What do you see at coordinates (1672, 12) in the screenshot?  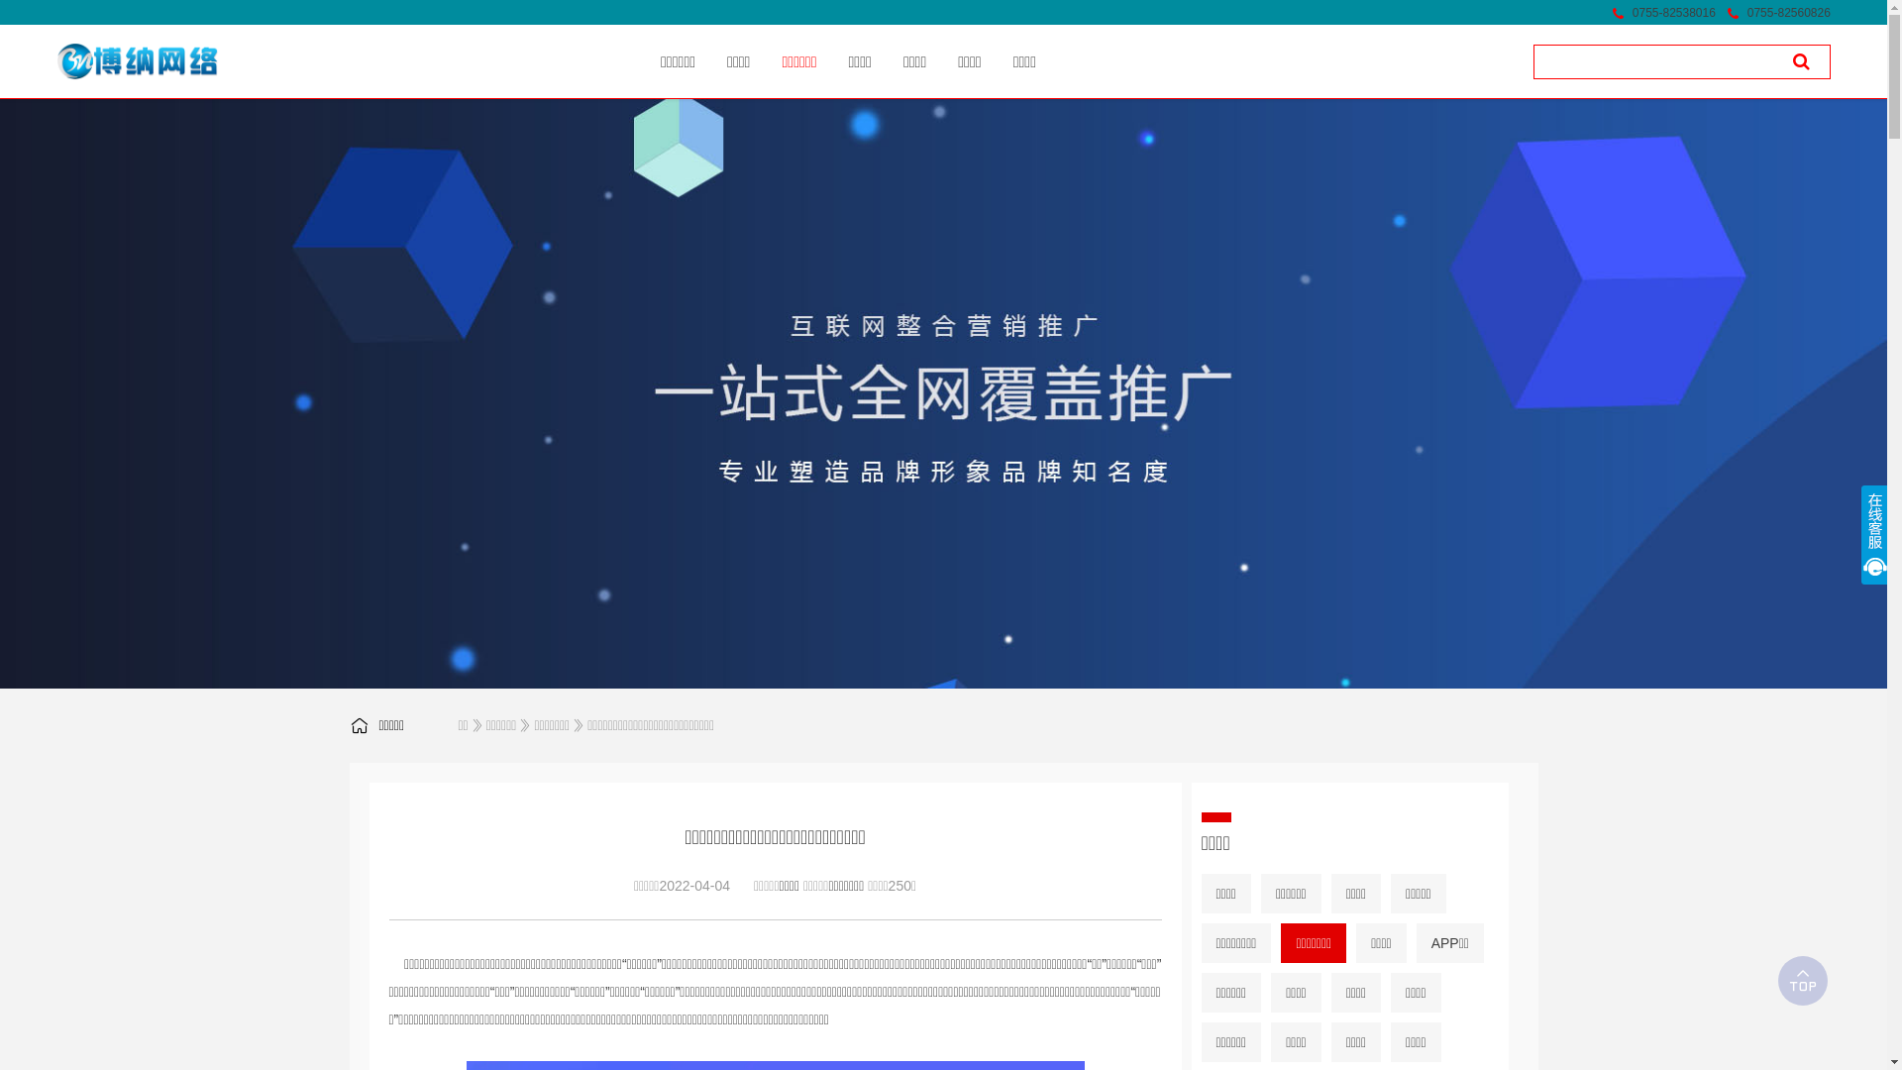 I see `'0755-82538016'` at bounding box center [1672, 12].